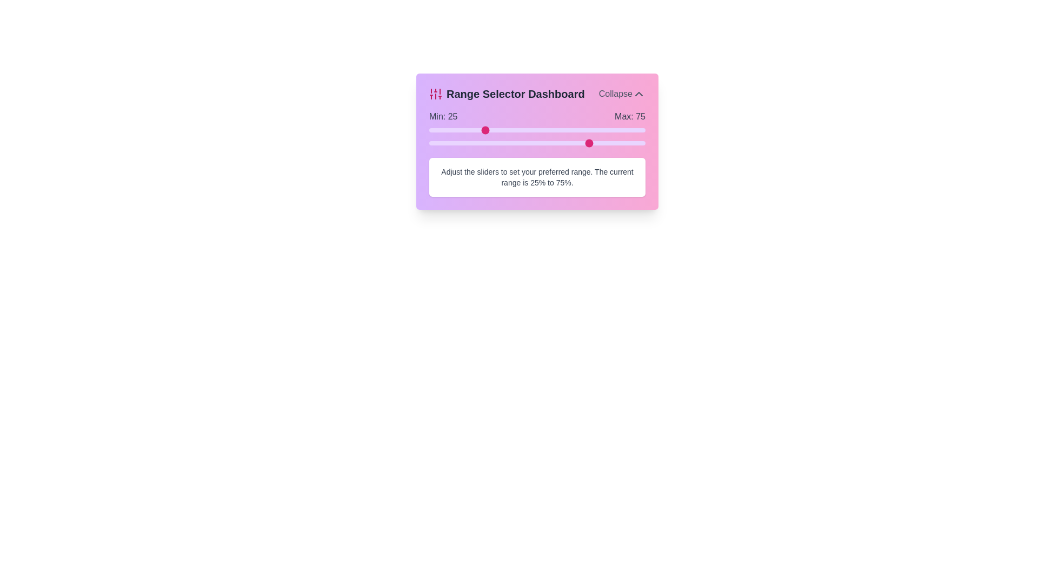  Describe the element at coordinates (565, 129) in the screenshot. I see `the minimum range slider to 63%` at that location.